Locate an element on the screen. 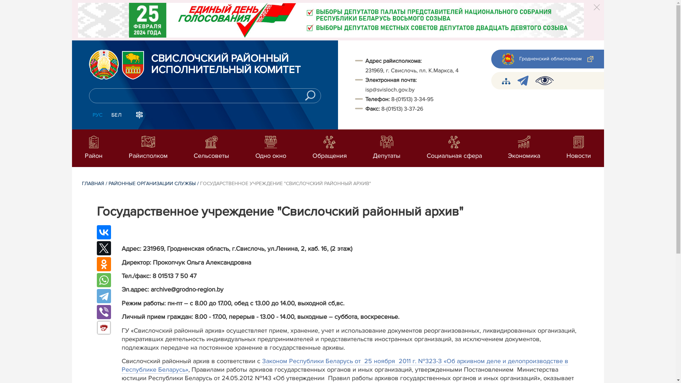 The width and height of the screenshot is (681, 383). 'Telegram' is located at coordinates (103, 296).